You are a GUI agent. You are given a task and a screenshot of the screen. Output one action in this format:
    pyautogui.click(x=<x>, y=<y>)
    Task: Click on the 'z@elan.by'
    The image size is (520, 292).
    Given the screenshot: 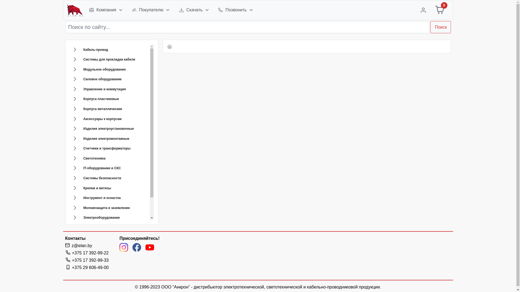 What is the action you would take?
    pyautogui.click(x=82, y=245)
    